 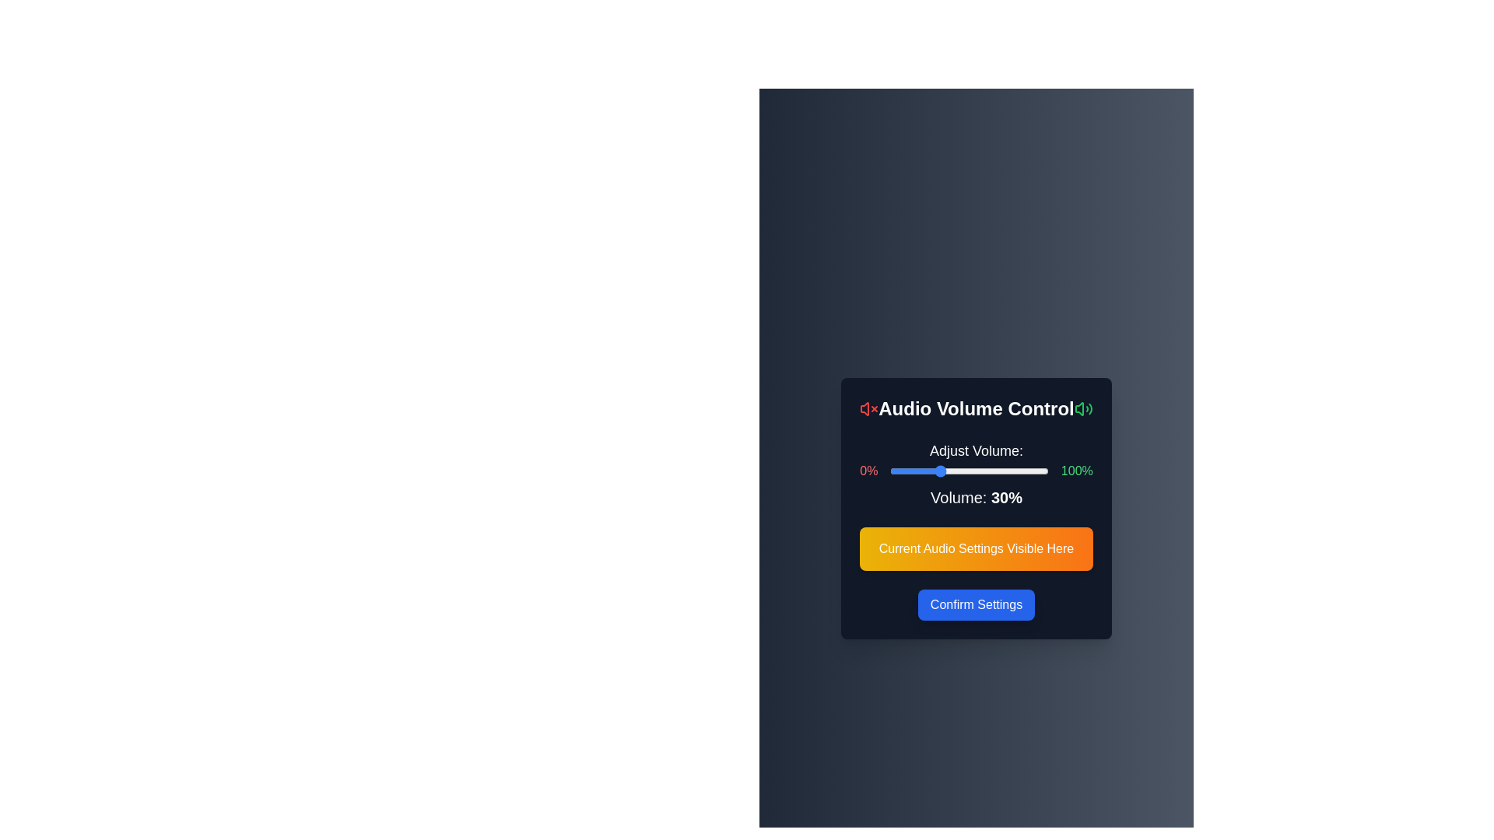 I want to click on the volume slider to 73%, so click(x=1005, y=470).